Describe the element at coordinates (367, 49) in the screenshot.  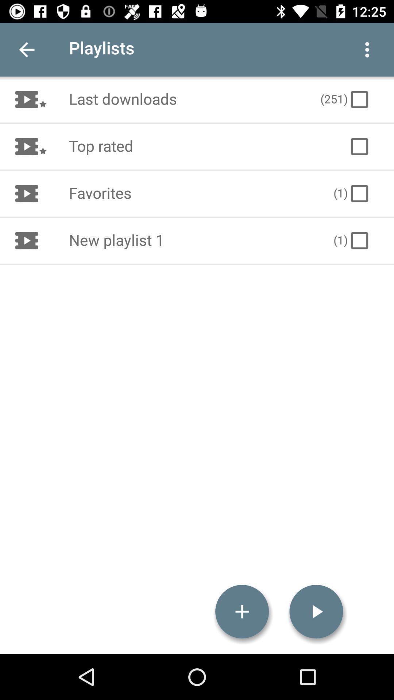
I see `item next to playlists icon` at that location.